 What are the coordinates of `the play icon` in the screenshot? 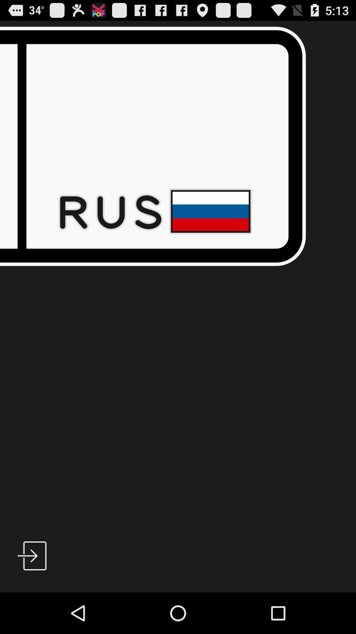 It's located at (32, 595).